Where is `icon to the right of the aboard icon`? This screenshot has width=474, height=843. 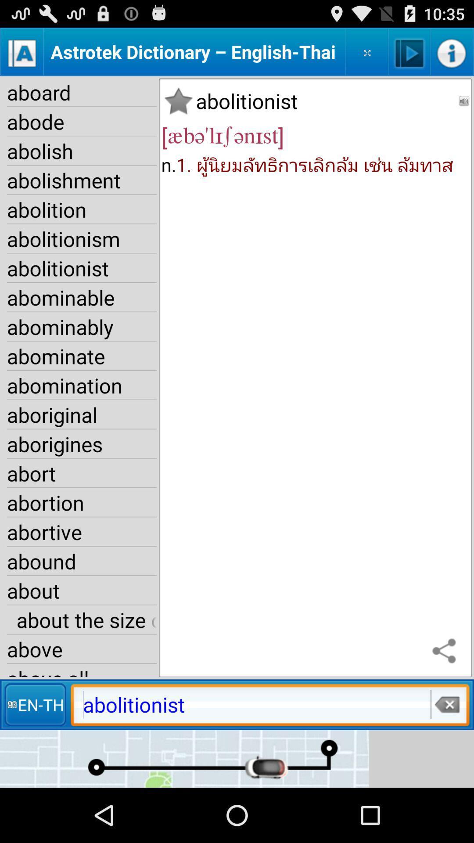
icon to the right of the aboard icon is located at coordinates (178, 101).